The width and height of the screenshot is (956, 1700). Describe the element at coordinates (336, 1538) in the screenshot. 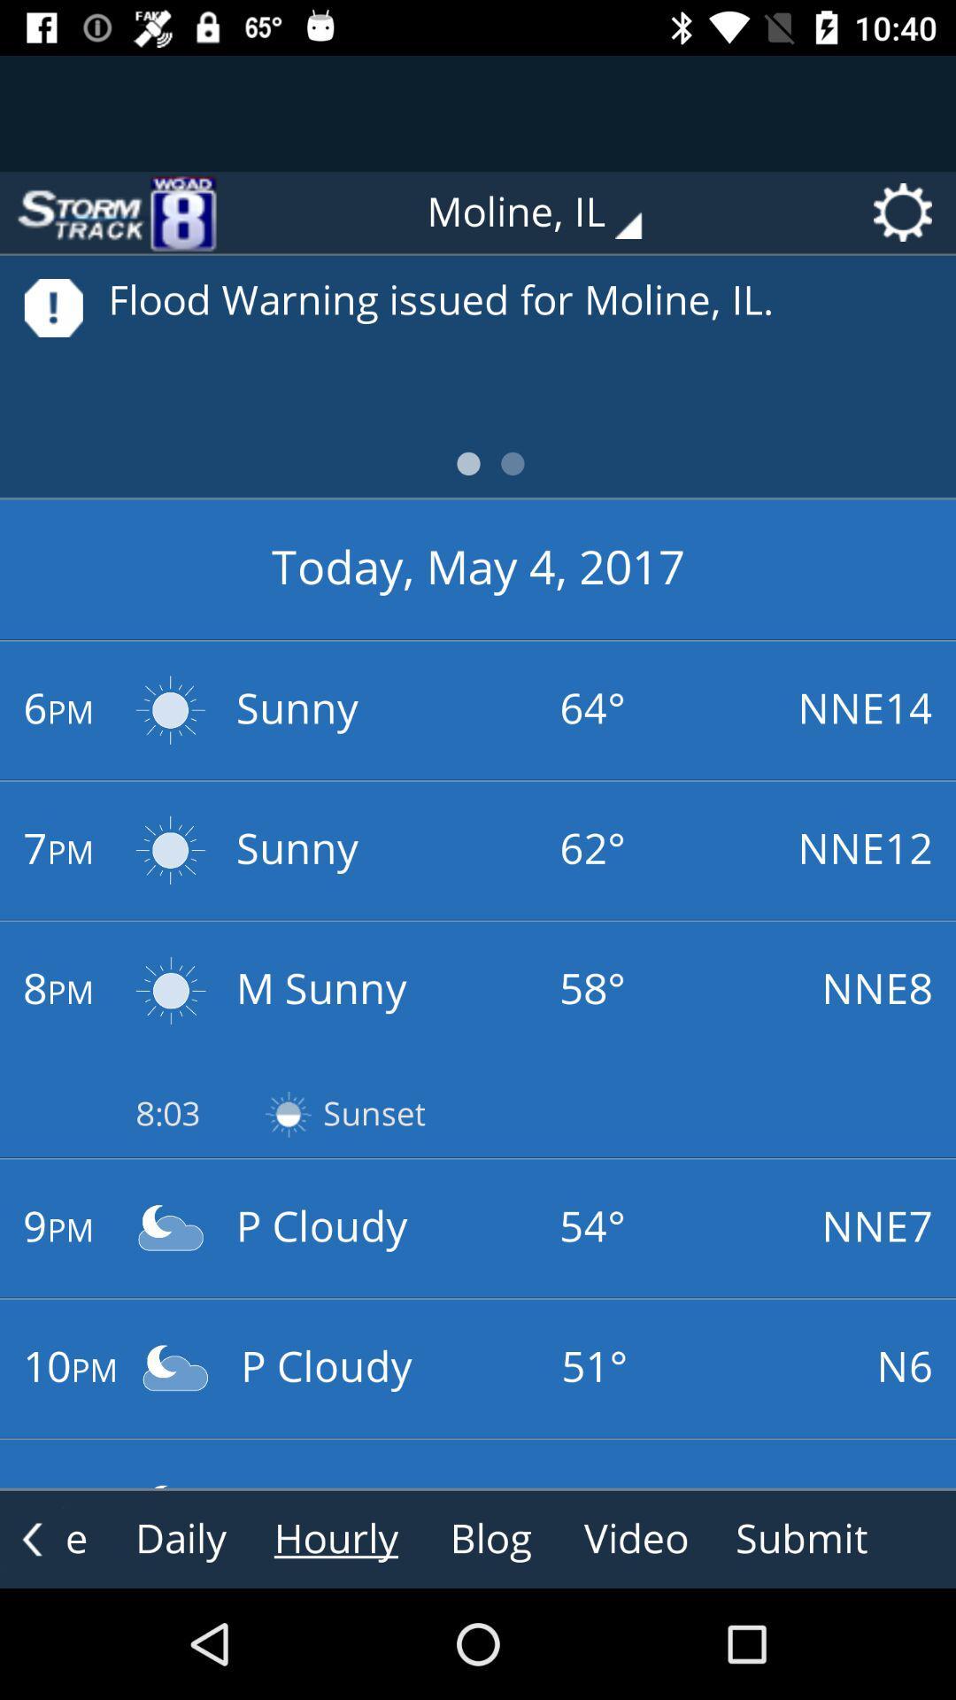

I see `the text which is right side of daily` at that location.